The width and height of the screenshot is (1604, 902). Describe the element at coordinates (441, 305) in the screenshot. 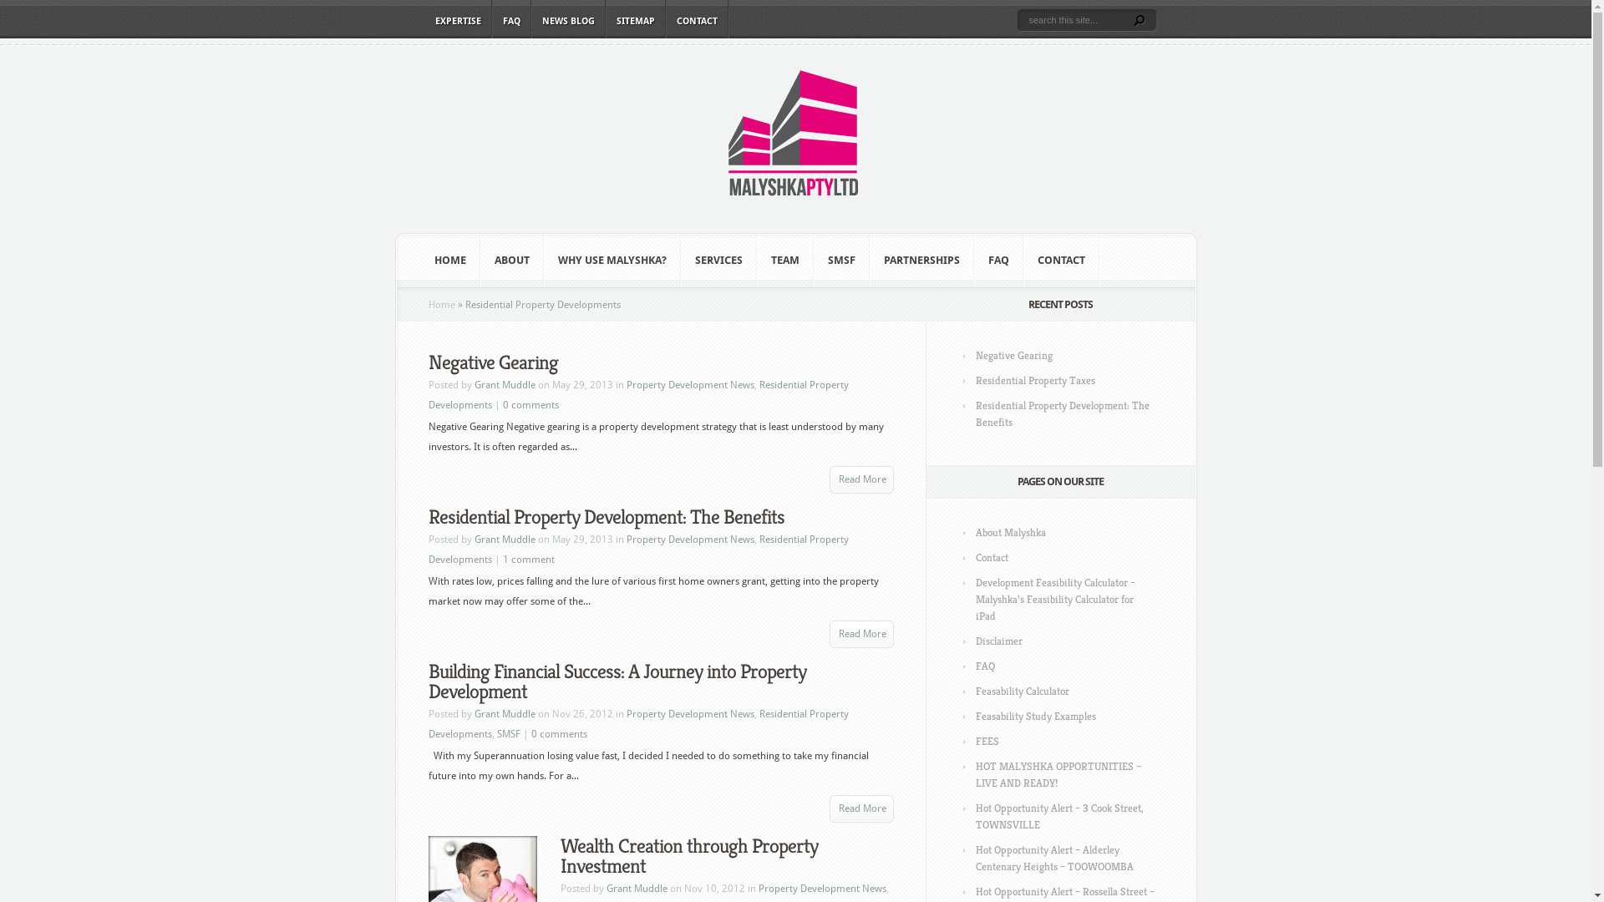

I see `'Home'` at that location.